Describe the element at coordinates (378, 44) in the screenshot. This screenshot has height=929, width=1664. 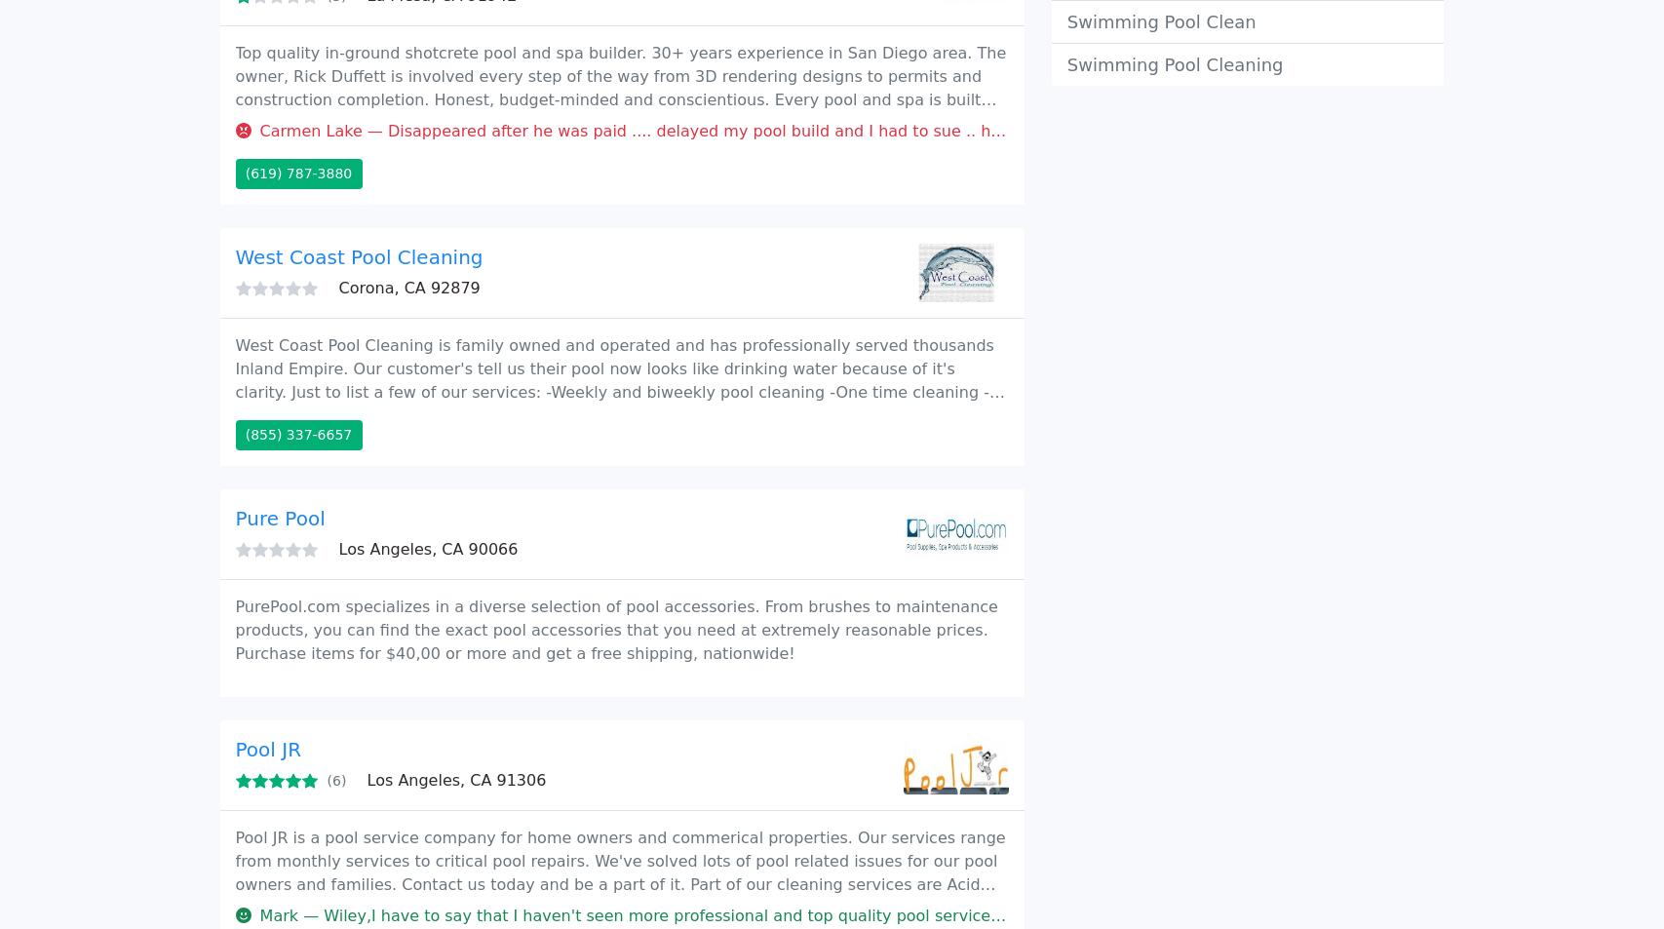
I see `'Swimming Pools'` at that location.